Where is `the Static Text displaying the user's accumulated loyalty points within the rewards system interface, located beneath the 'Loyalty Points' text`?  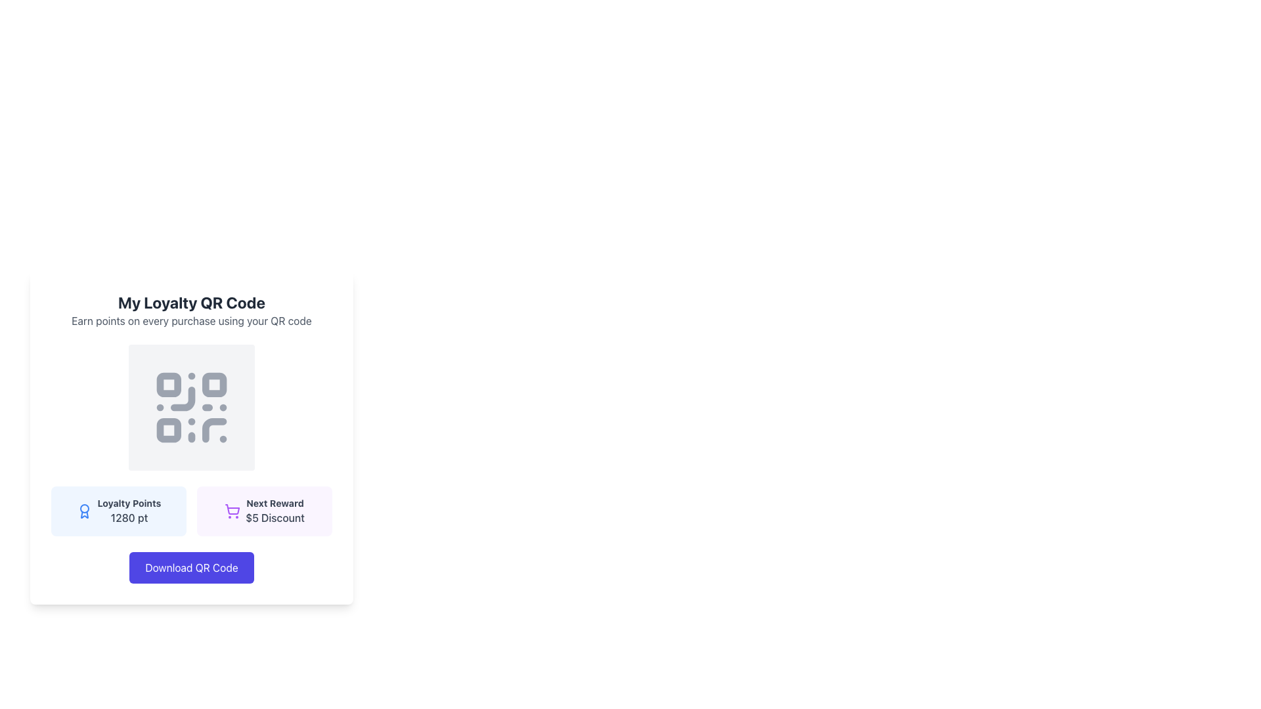
the Static Text displaying the user's accumulated loyalty points within the rewards system interface, located beneath the 'Loyalty Points' text is located at coordinates (129, 517).